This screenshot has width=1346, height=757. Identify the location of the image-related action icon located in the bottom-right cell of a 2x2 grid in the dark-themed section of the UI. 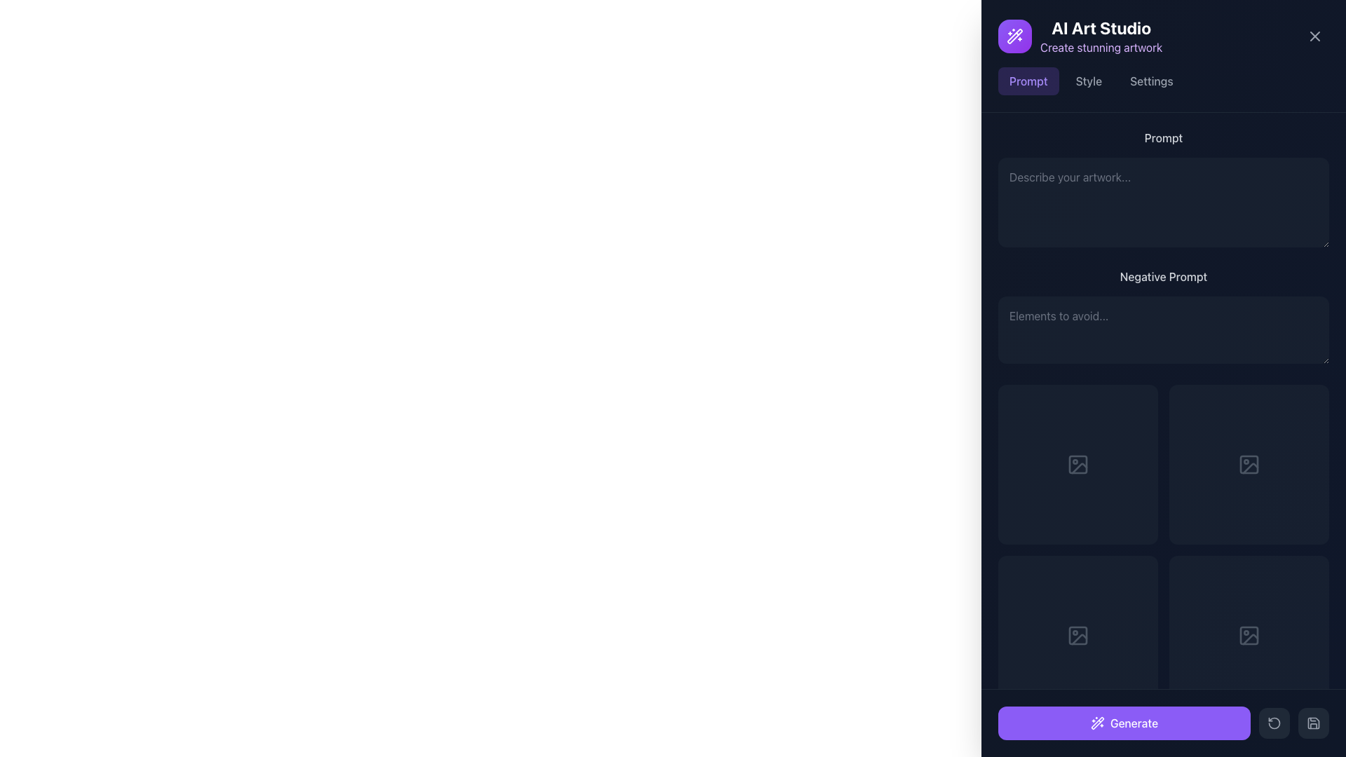
(1249, 635).